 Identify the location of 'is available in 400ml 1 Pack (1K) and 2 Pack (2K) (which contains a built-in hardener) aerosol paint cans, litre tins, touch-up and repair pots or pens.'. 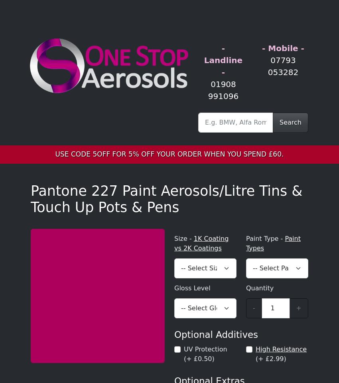
(168, 13).